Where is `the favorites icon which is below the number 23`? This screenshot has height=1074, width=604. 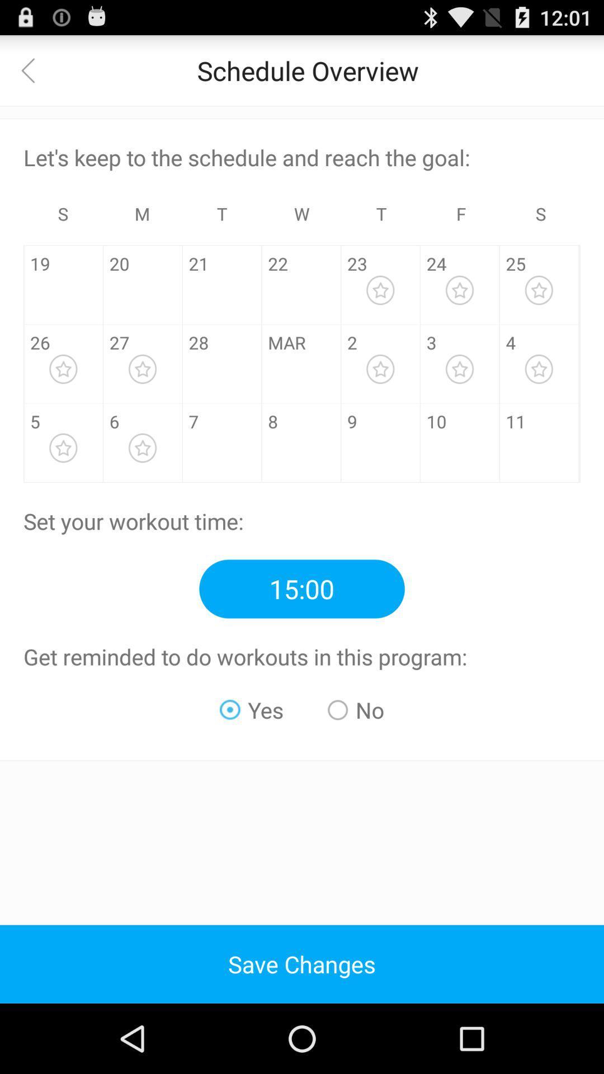
the favorites icon which is below the number 23 is located at coordinates (380, 290).